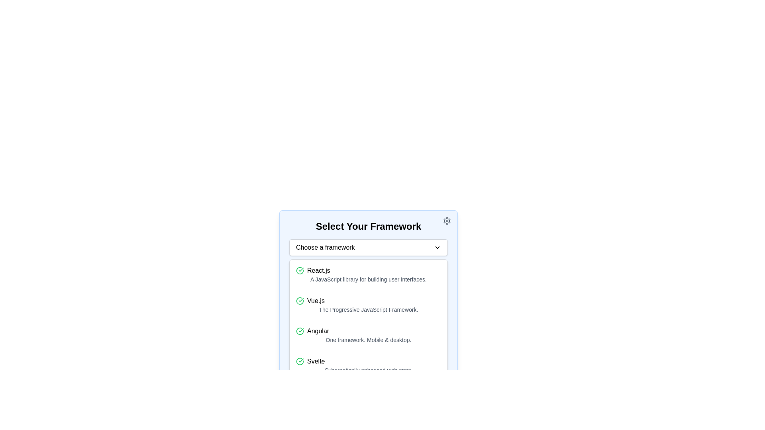 Image resolution: width=765 pixels, height=430 pixels. Describe the element at coordinates (368, 370) in the screenshot. I see `the descriptive tagline text for the 'Svelte' framework, located within the card-like UI component below the label 'Svelte'` at that location.